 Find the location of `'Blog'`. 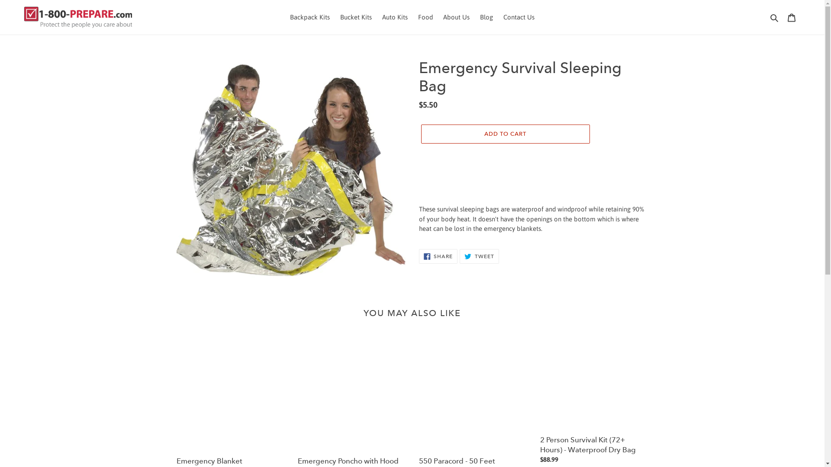

'Blog' is located at coordinates (486, 17).